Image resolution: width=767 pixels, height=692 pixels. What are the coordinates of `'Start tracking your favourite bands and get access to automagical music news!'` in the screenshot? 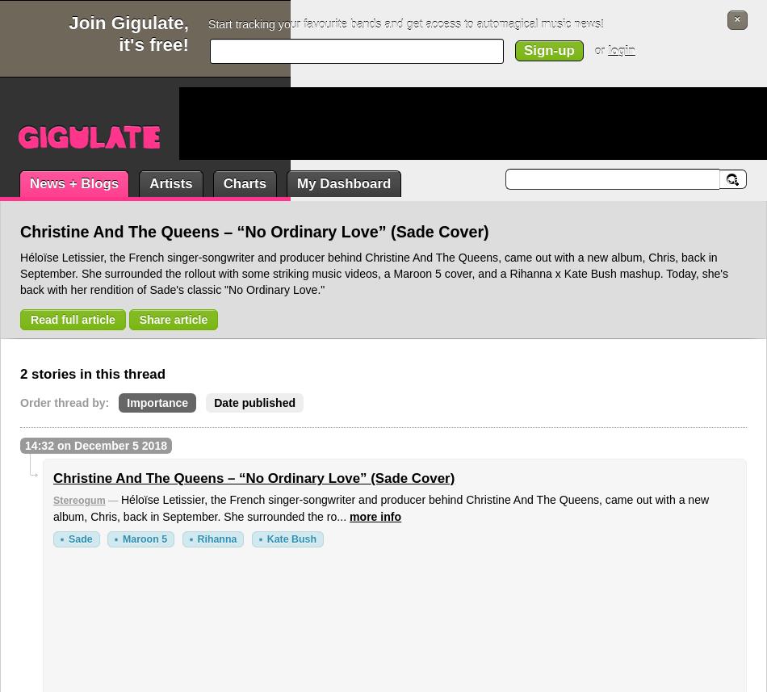 It's located at (405, 23).